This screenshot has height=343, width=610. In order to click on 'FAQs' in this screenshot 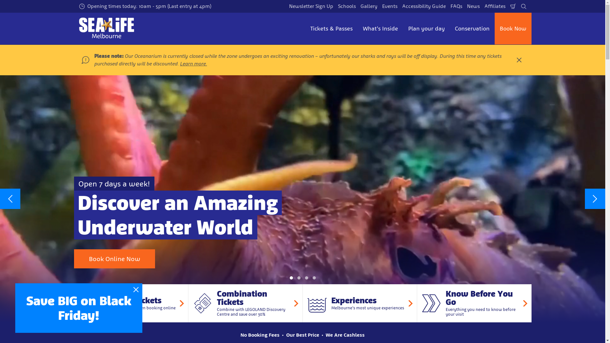, I will do `click(456, 6)`.